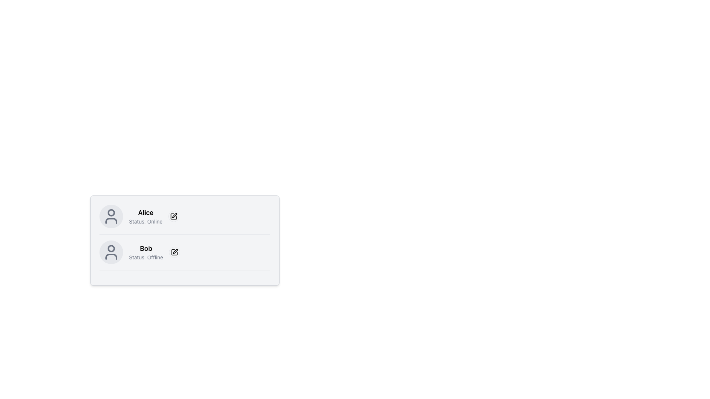  Describe the element at coordinates (173, 216) in the screenshot. I see `the circular button with a pen icon adjacent to 'Alice' in the user profile section` at that location.